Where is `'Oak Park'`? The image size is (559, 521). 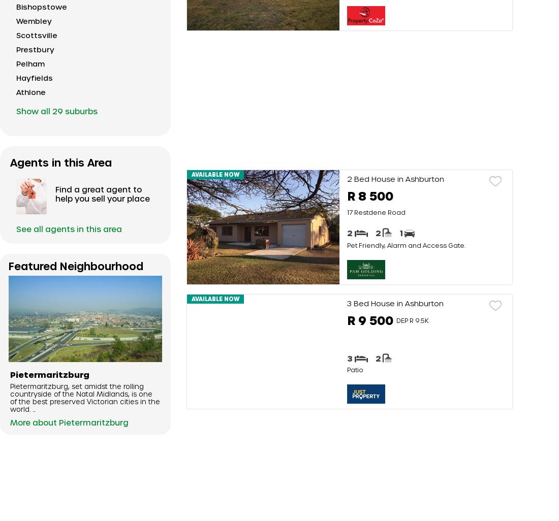 'Oak Park' is located at coordinates (33, 290).